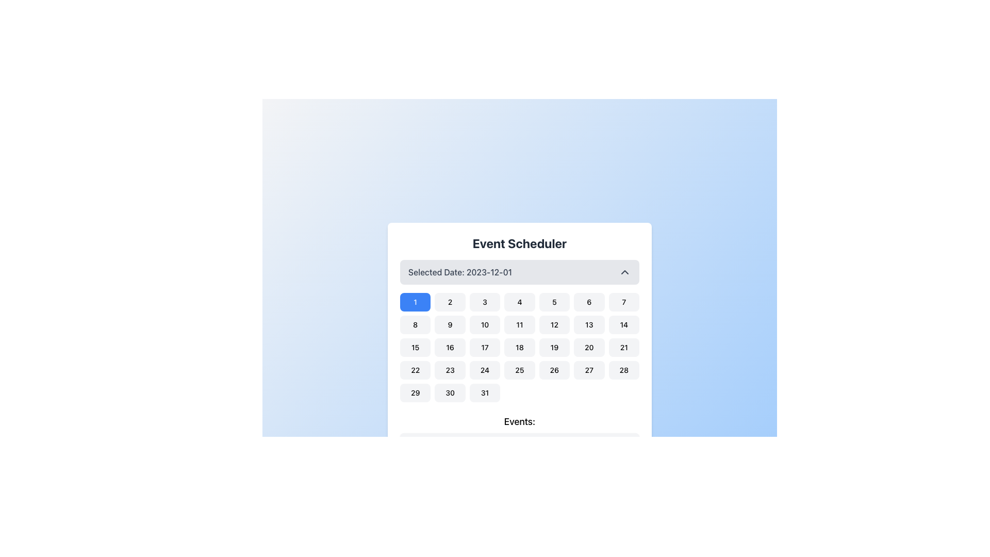 The width and height of the screenshot is (990, 557). What do you see at coordinates (484, 369) in the screenshot?
I see `the rectangular button displaying the number '24' to activate the hover effect that changes its background color to blue` at bounding box center [484, 369].